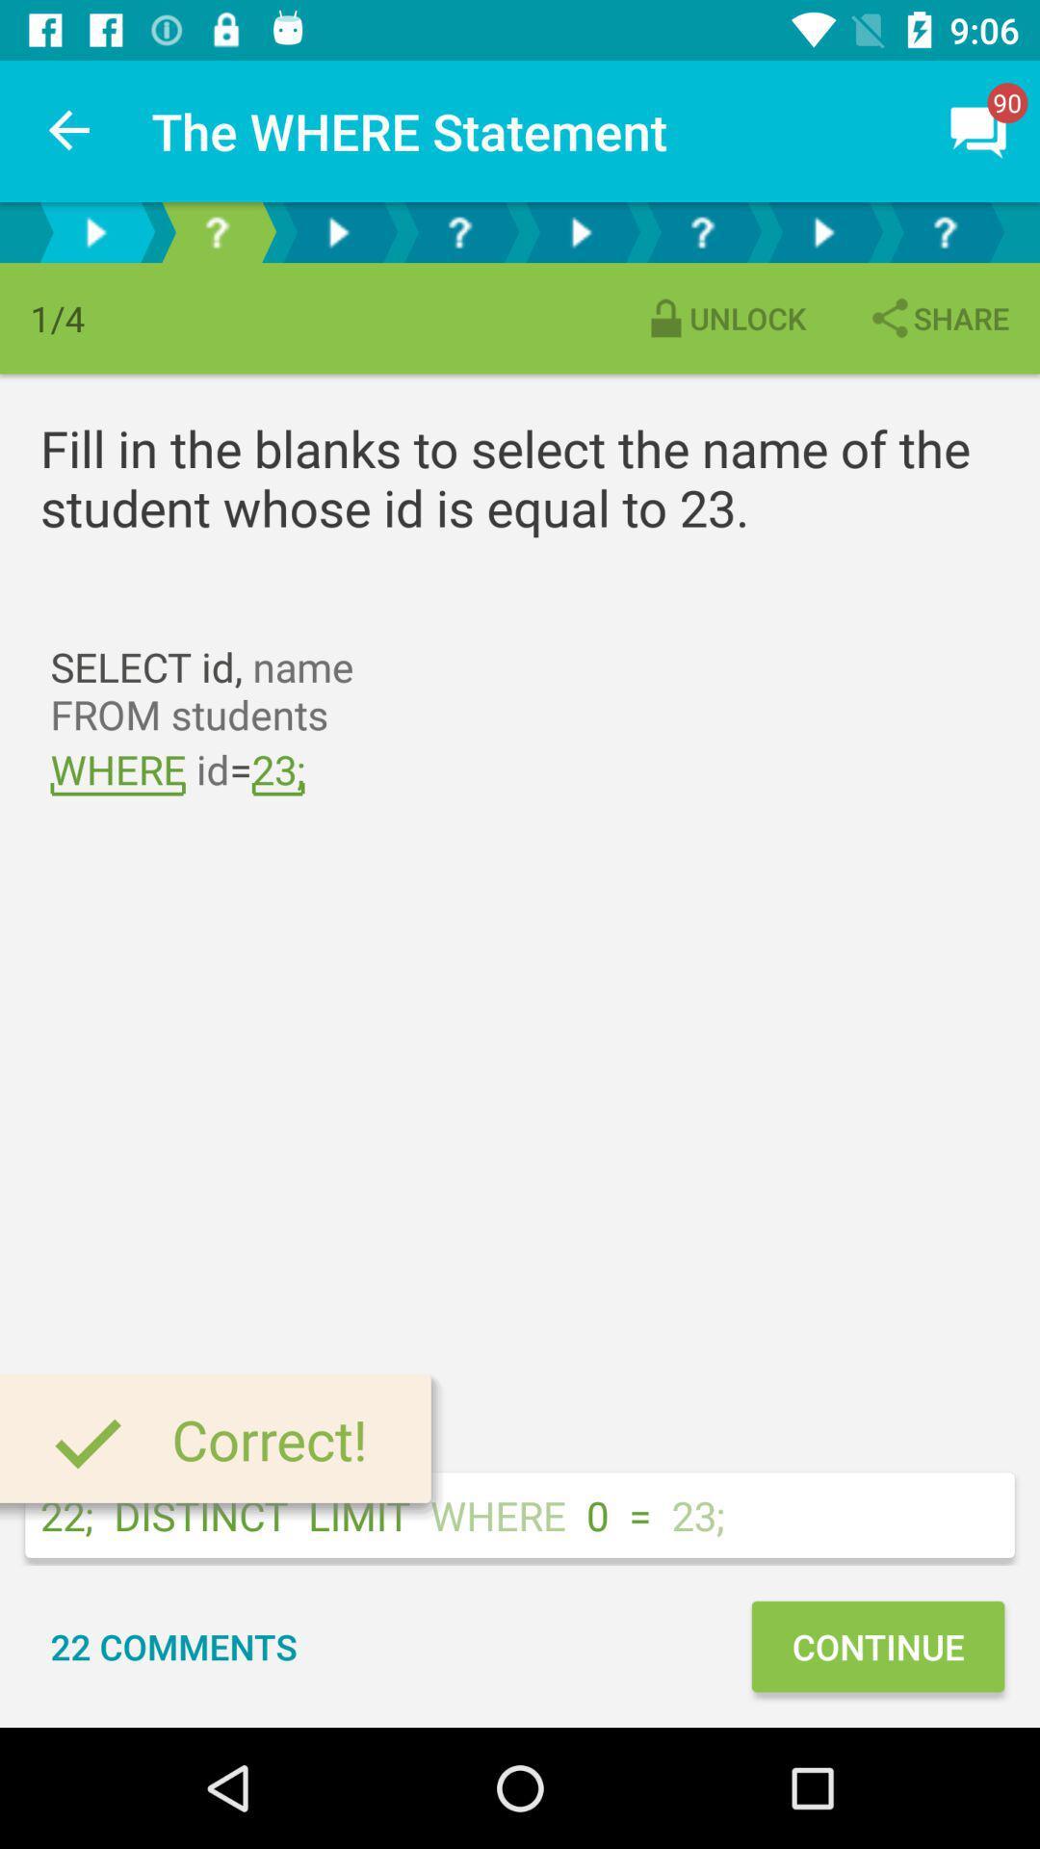  Describe the element at coordinates (943, 231) in the screenshot. I see `a specific question in the final` at that location.